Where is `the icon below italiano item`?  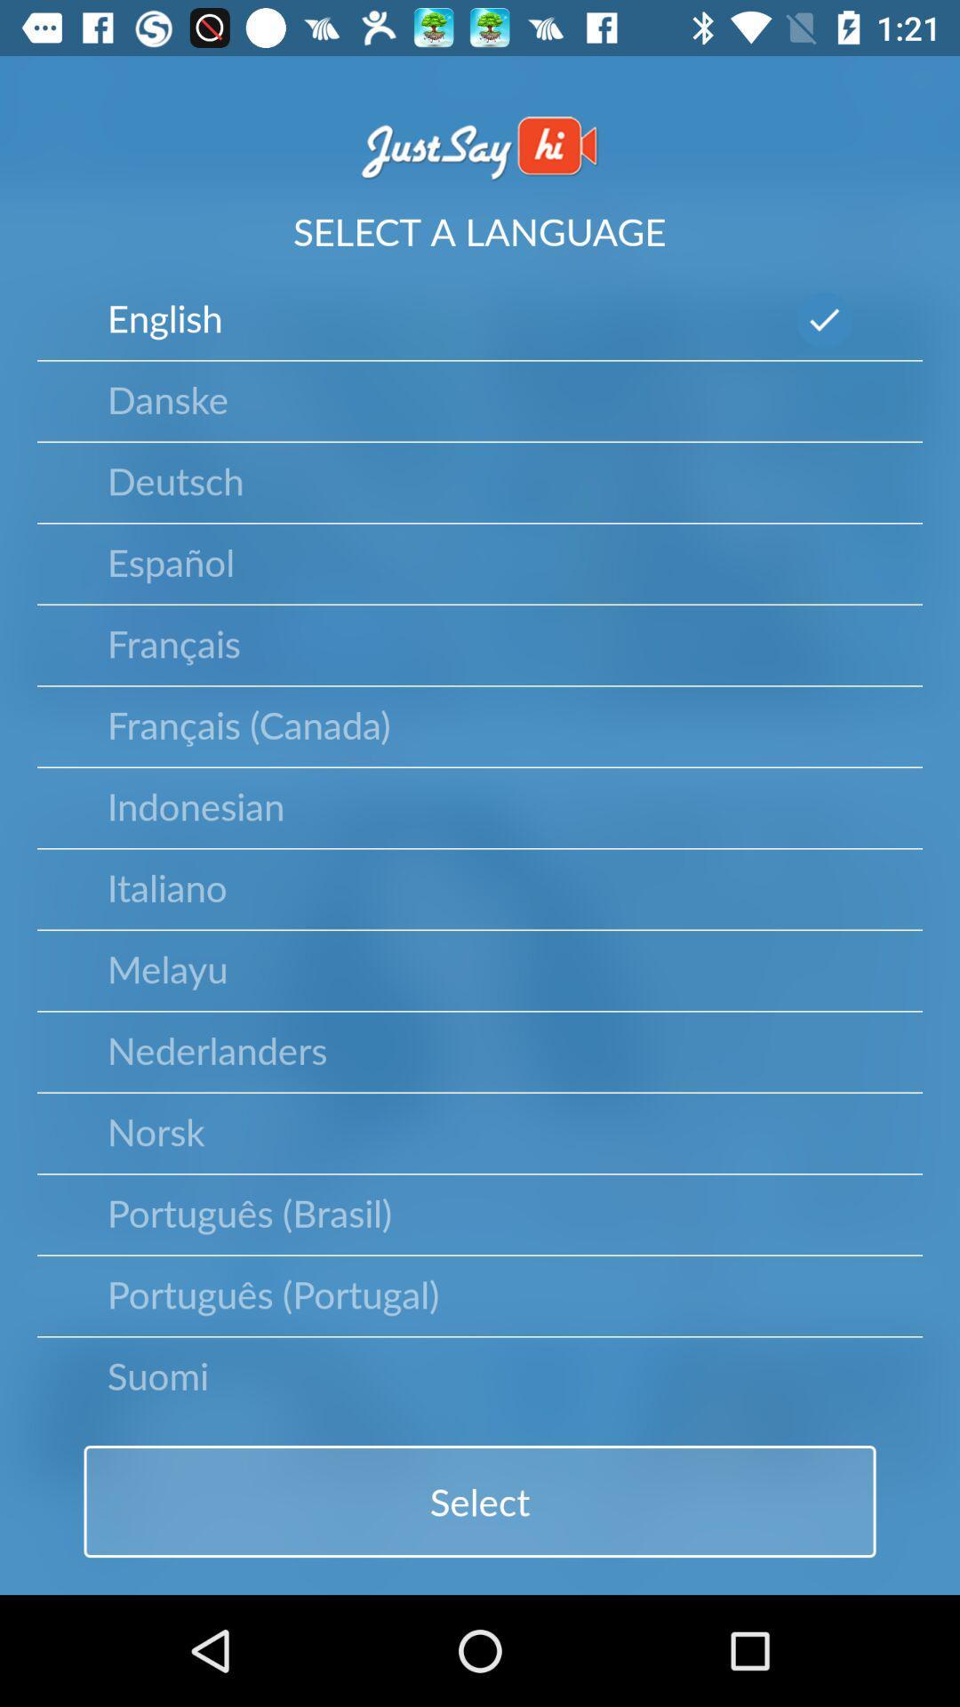 the icon below italiano item is located at coordinates (167, 967).